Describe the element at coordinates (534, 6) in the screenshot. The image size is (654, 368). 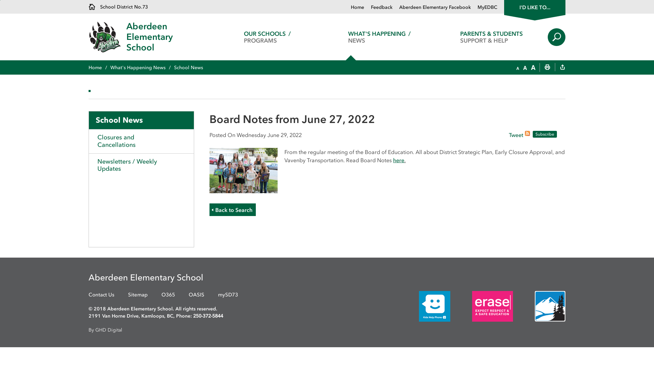
I see `'I'D LIKE TO...'` at that location.